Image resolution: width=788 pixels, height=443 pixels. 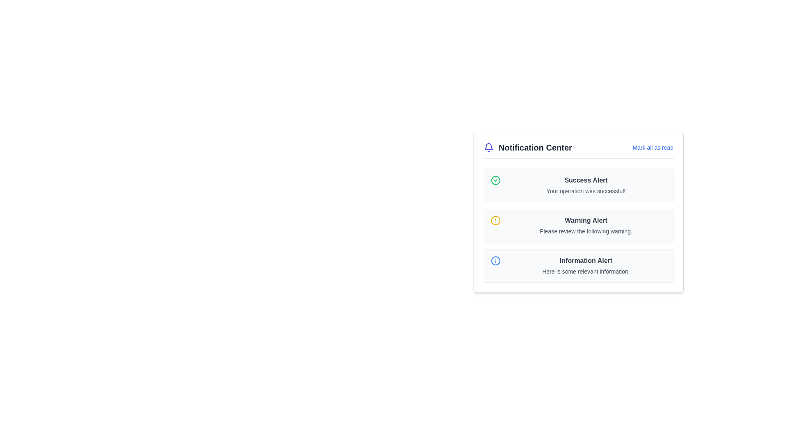 I want to click on keyboard navigation, so click(x=653, y=147).